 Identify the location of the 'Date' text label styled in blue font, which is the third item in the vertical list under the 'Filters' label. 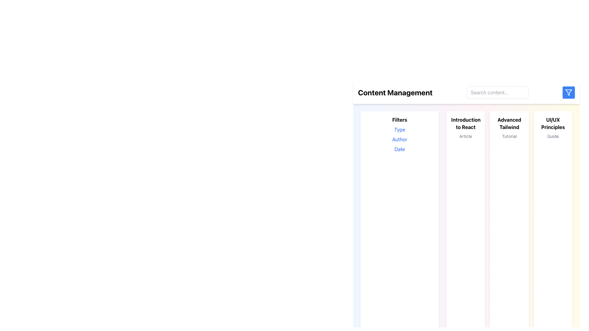
(399, 149).